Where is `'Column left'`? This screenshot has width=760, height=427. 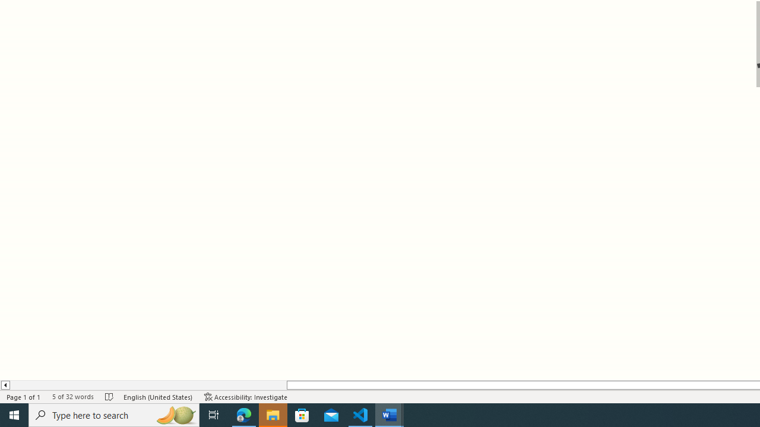 'Column left' is located at coordinates (5, 385).